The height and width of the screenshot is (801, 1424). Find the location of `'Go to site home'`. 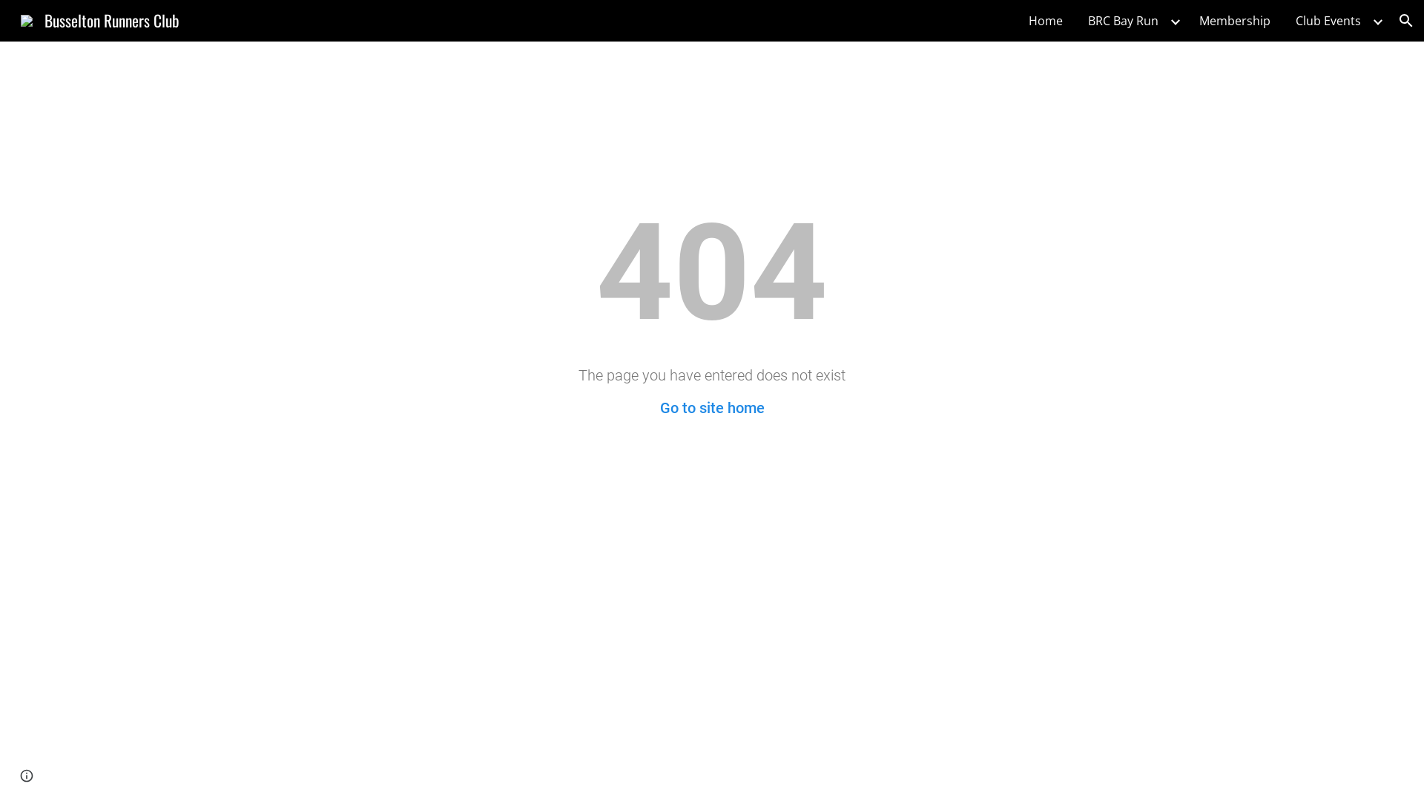

'Go to site home' is located at coordinates (712, 408).